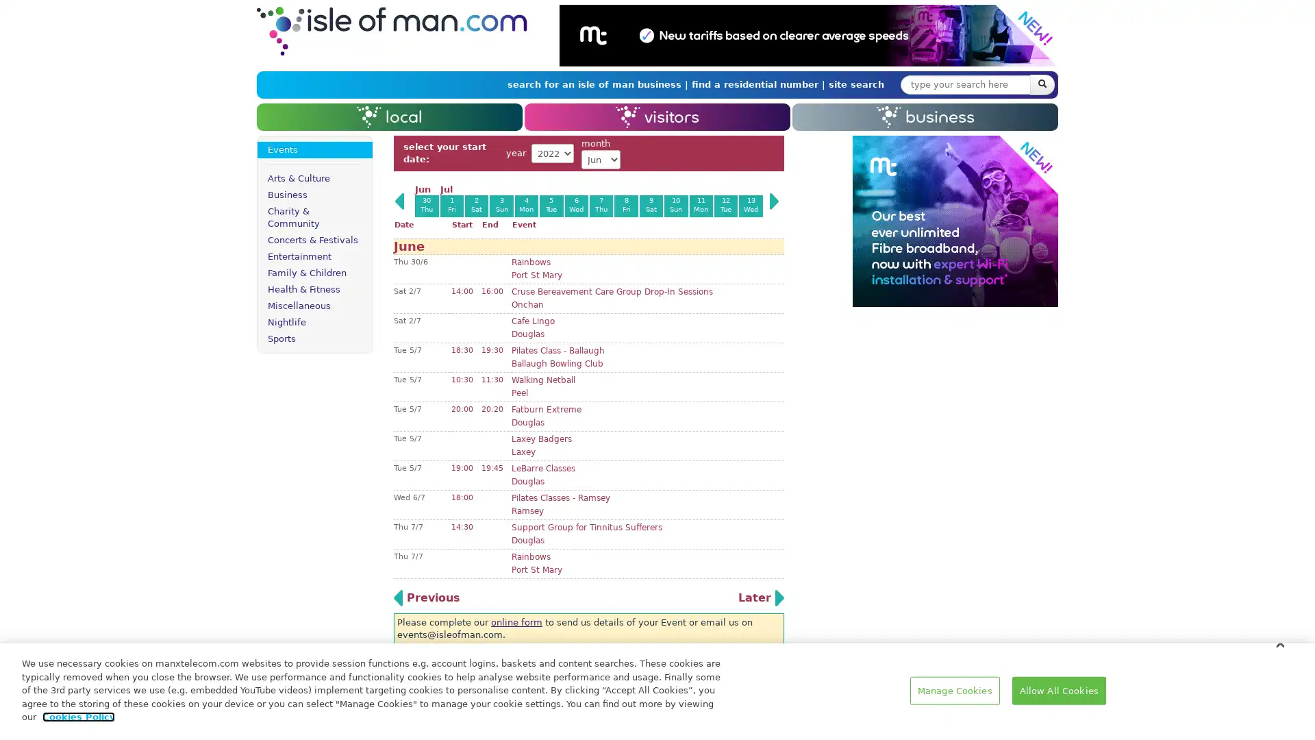 The height and width of the screenshot is (740, 1315). What do you see at coordinates (1279, 643) in the screenshot?
I see `Close` at bounding box center [1279, 643].